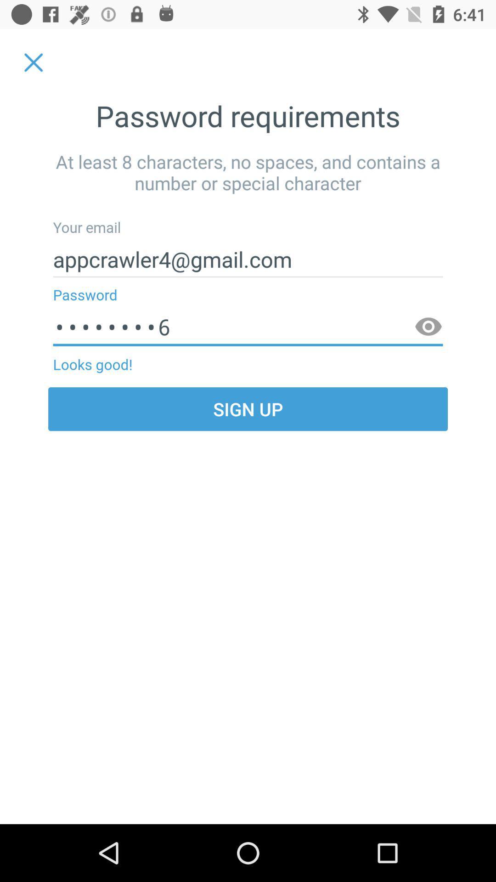 This screenshot has height=882, width=496. I want to click on the icon above the sign up, so click(428, 327).